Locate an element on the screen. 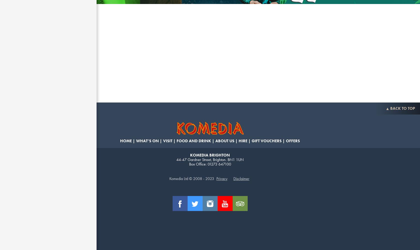 Image resolution: width=420 pixels, height=250 pixels. 'Privacy' is located at coordinates (216, 178).